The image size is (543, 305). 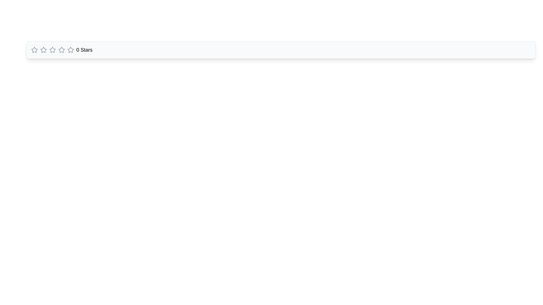 I want to click on the second star icon in a row of five stars to rate it, which is adjacent to the '0 Stars' text label, so click(x=53, y=49).